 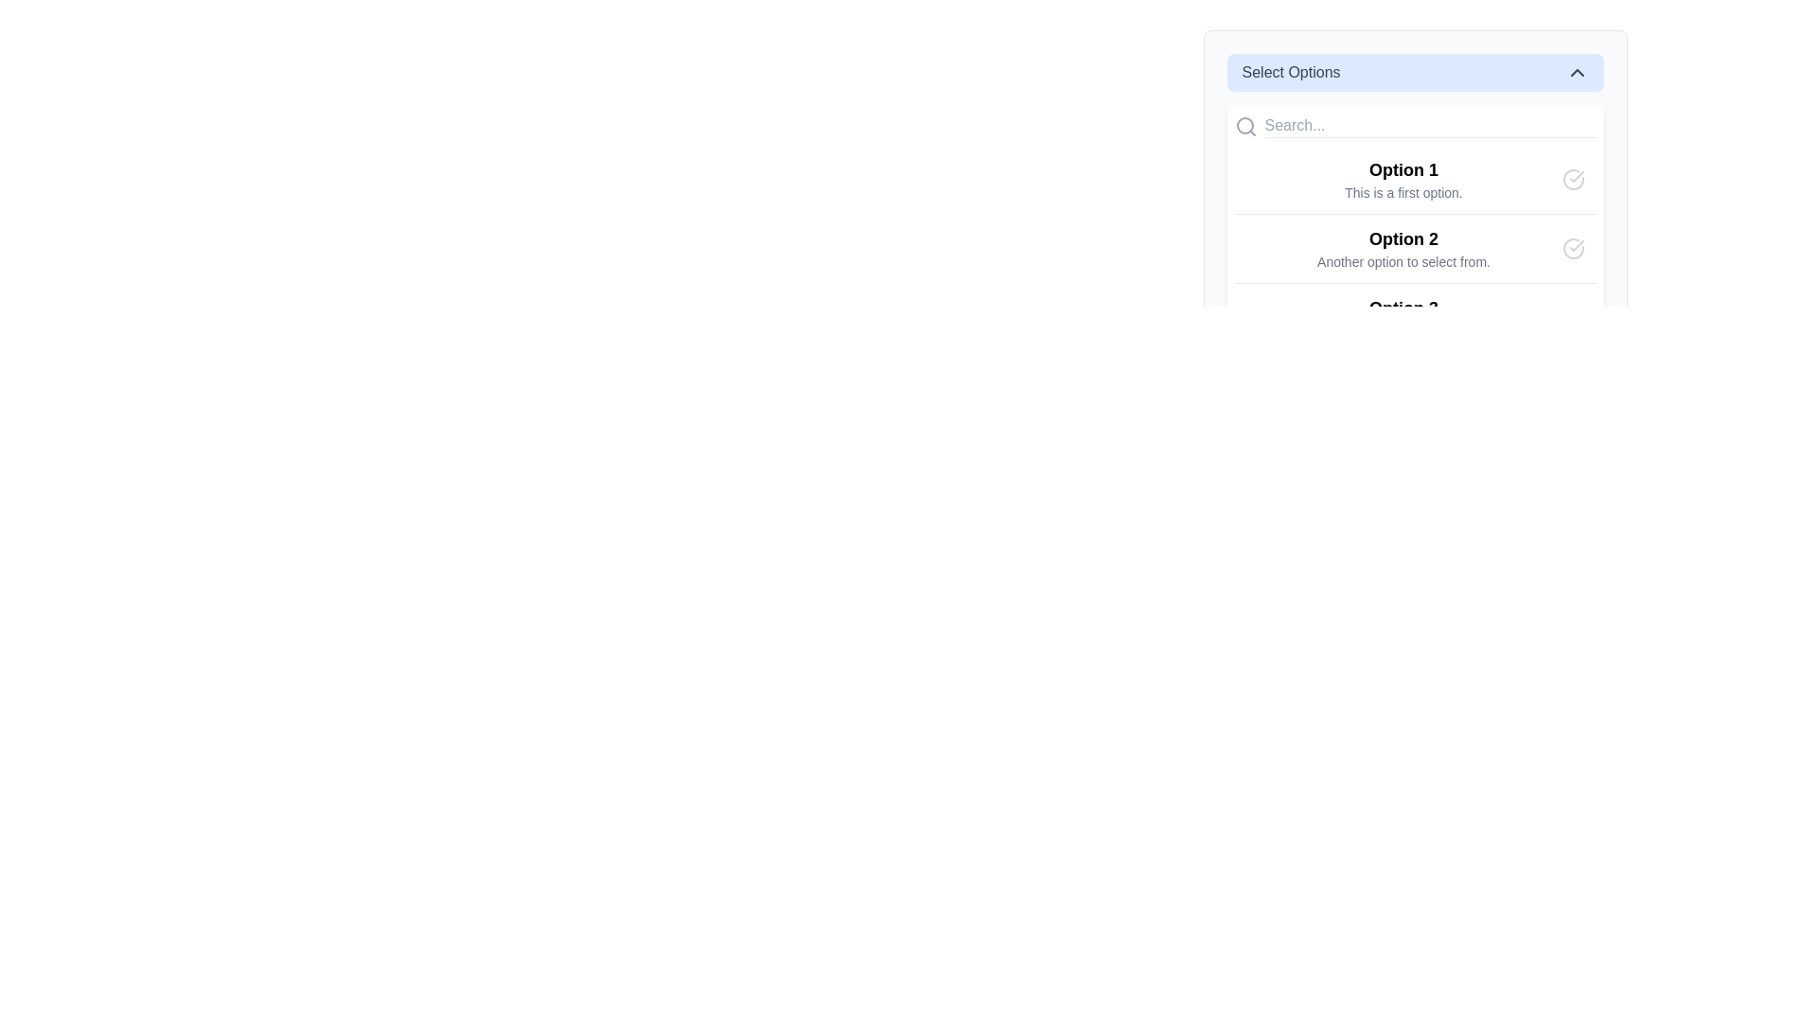 I want to click on the Selectable List Item labeled 'Option 2' with a description 'Another option to select from.', so click(x=1415, y=247).